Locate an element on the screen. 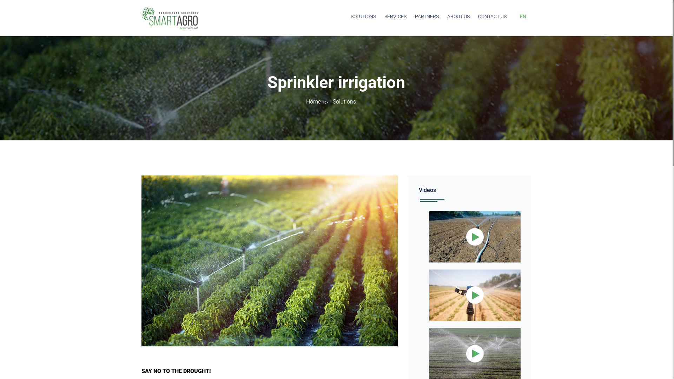 This screenshot has width=674, height=379. 'CONTACT US' is located at coordinates (492, 16).